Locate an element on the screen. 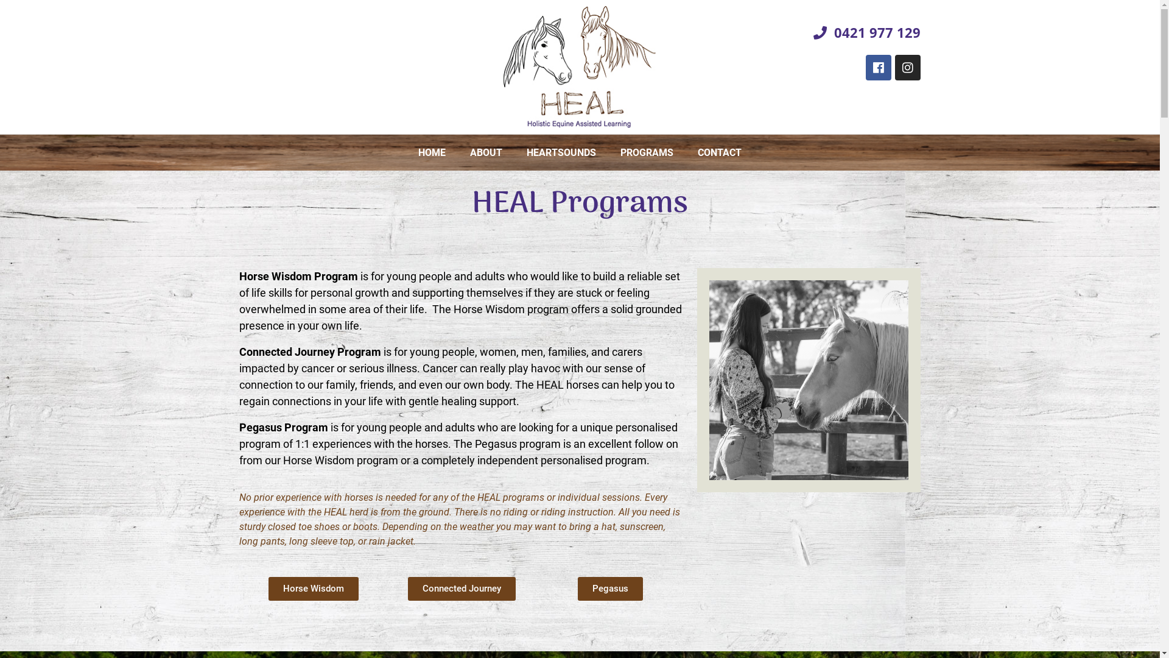  'Pegasus' is located at coordinates (610, 588).